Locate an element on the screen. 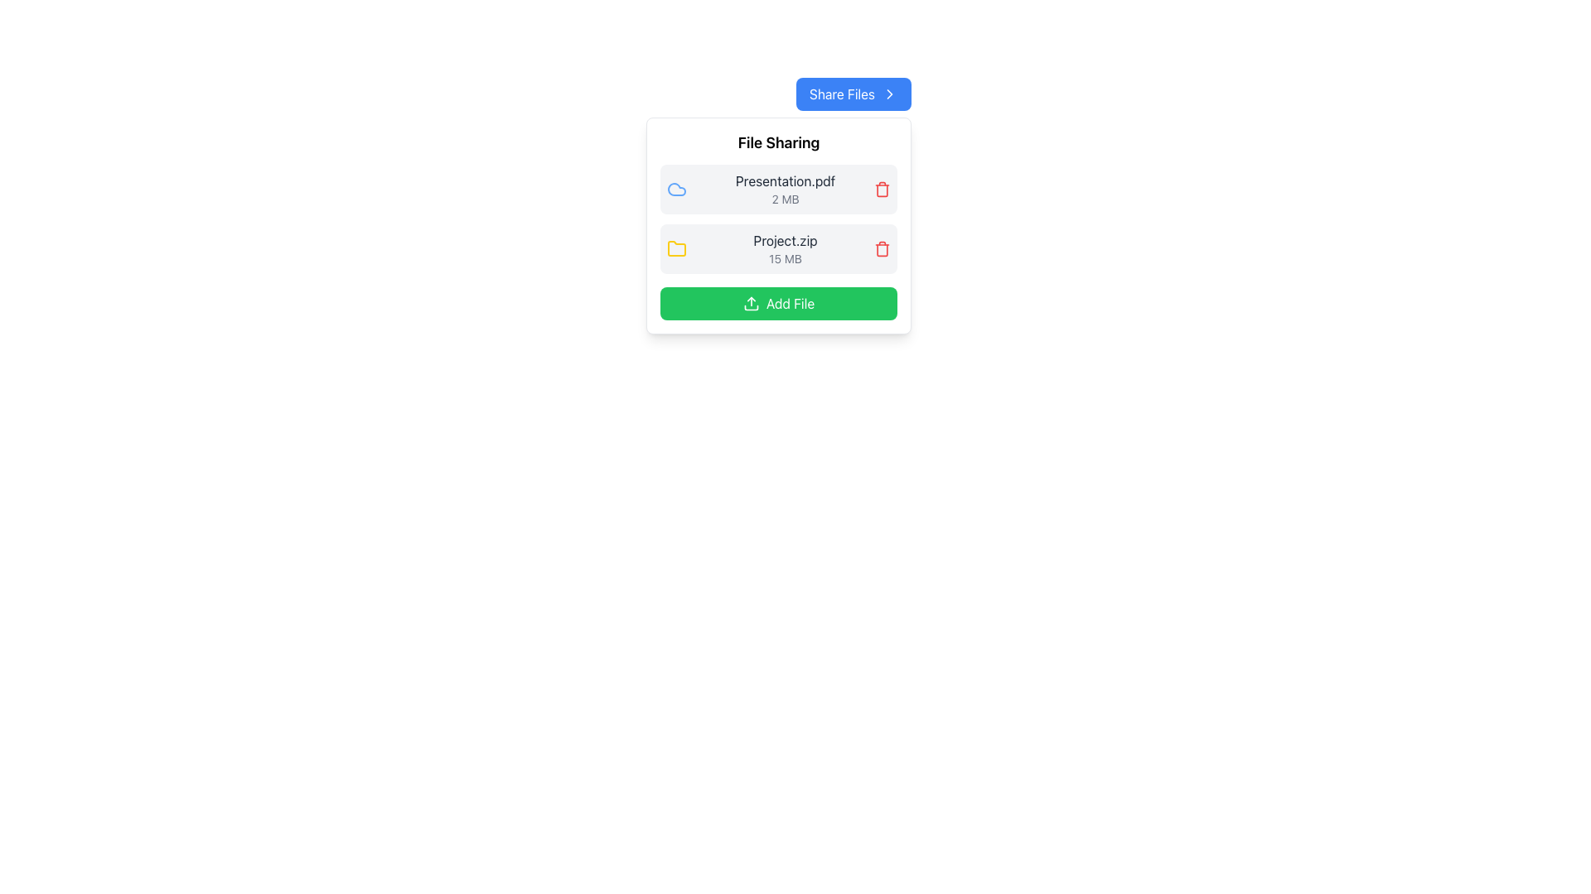 The height and width of the screenshot is (894, 1591). the chevron icon located on the right-hand side of the 'Share Files' button is located at coordinates (889, 94).